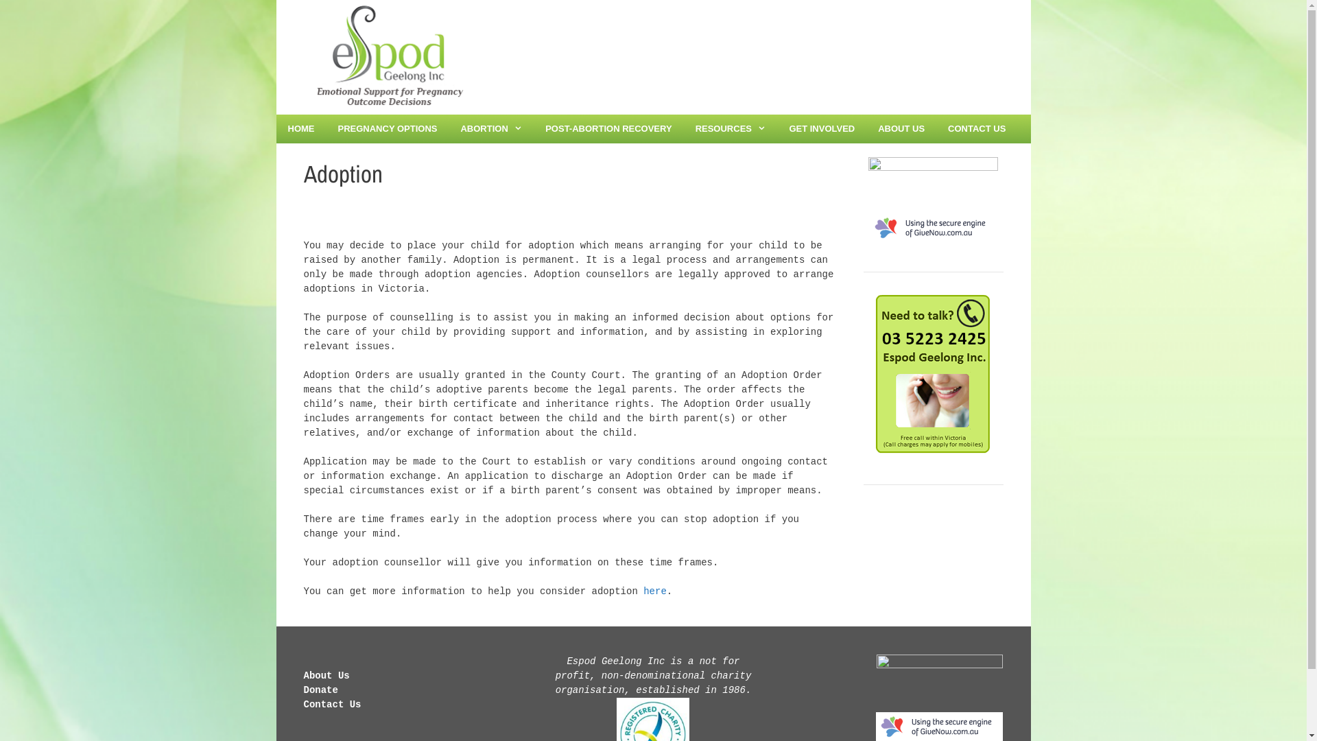 This screenshot has height=741, width=1317. What do you see at coordinates (654, 590) in the screenshot?
I see `'here'` at bounding box center [654, 590].